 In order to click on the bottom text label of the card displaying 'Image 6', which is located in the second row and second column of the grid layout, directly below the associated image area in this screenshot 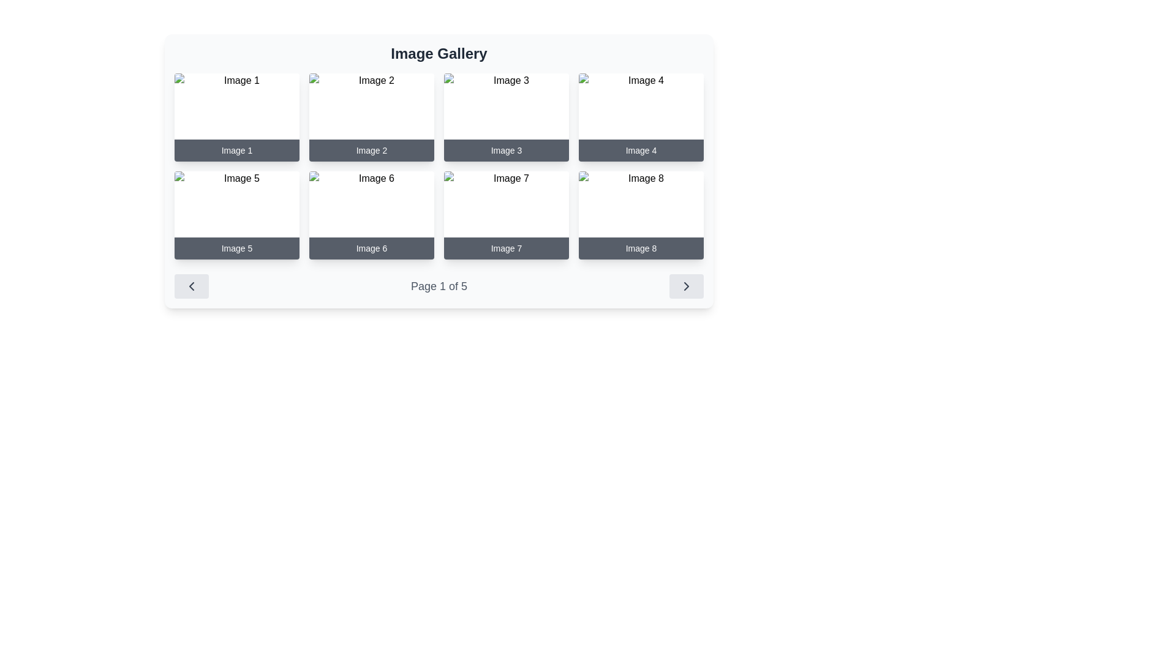, I will do `click(371, 248)`.